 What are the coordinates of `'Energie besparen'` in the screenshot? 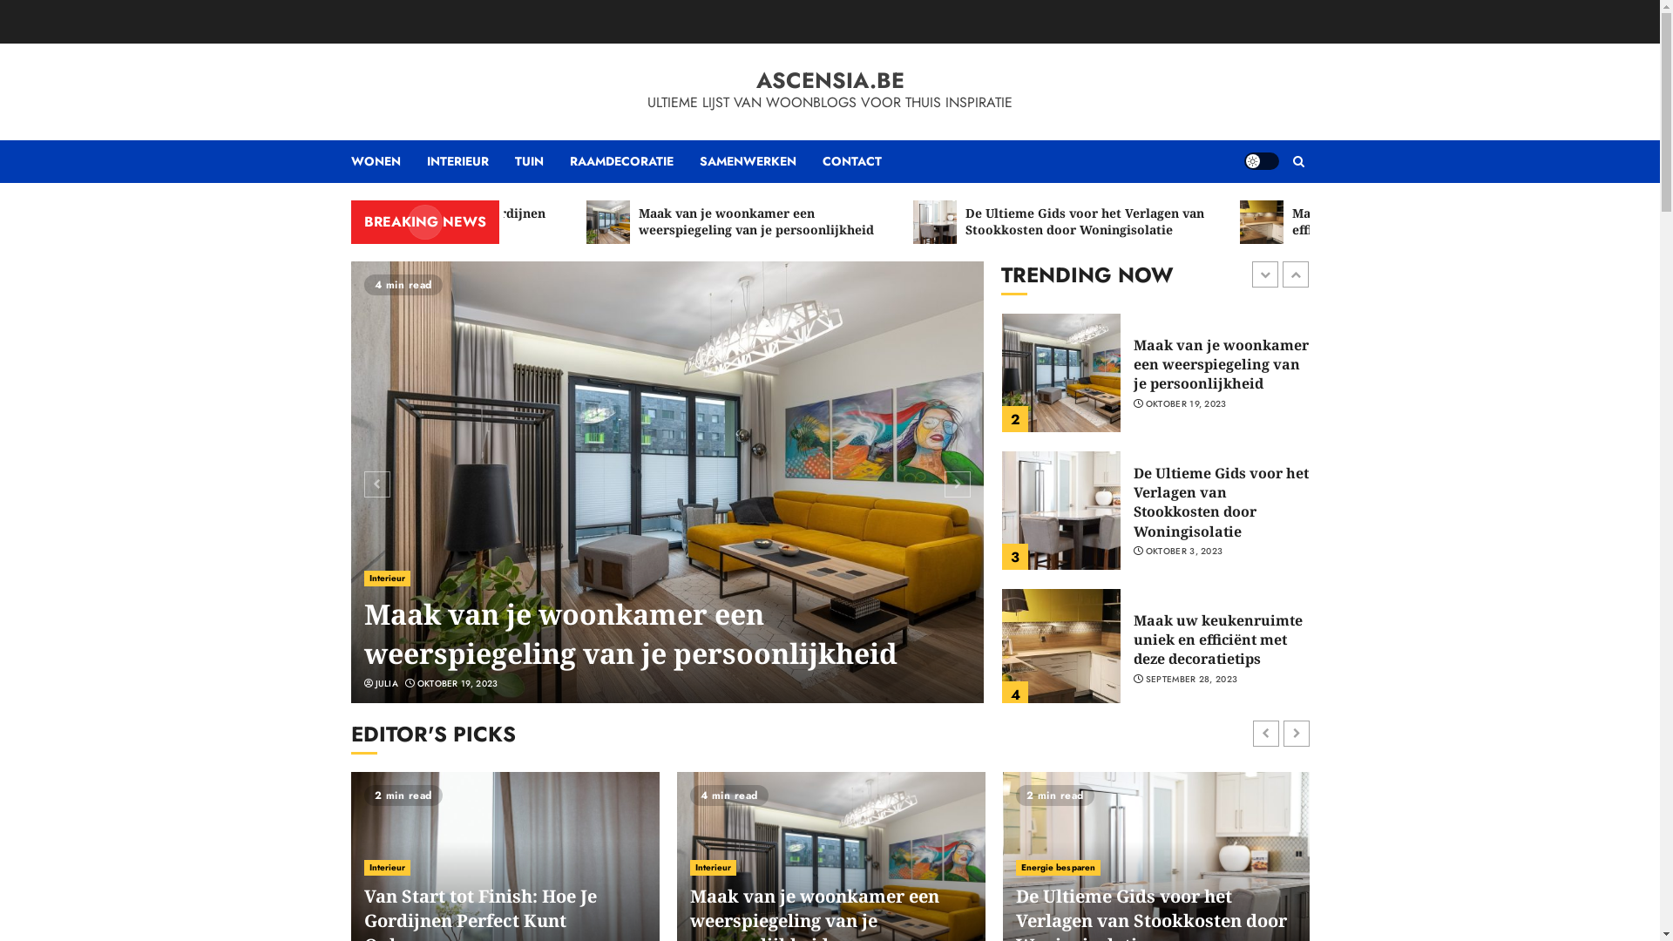 It's located at (1057, 867).